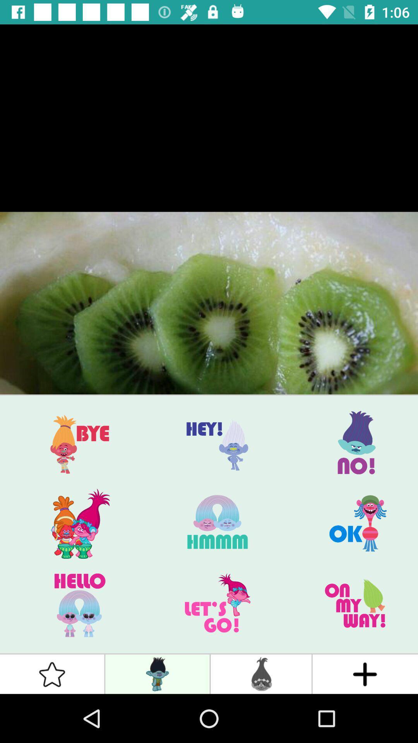 Image resolution: width=418 pixels, height=743 pixels. What do you see at coordinates (365, 674) in the screenshot?
I see `the add icon` at bounding box center [365, 674].